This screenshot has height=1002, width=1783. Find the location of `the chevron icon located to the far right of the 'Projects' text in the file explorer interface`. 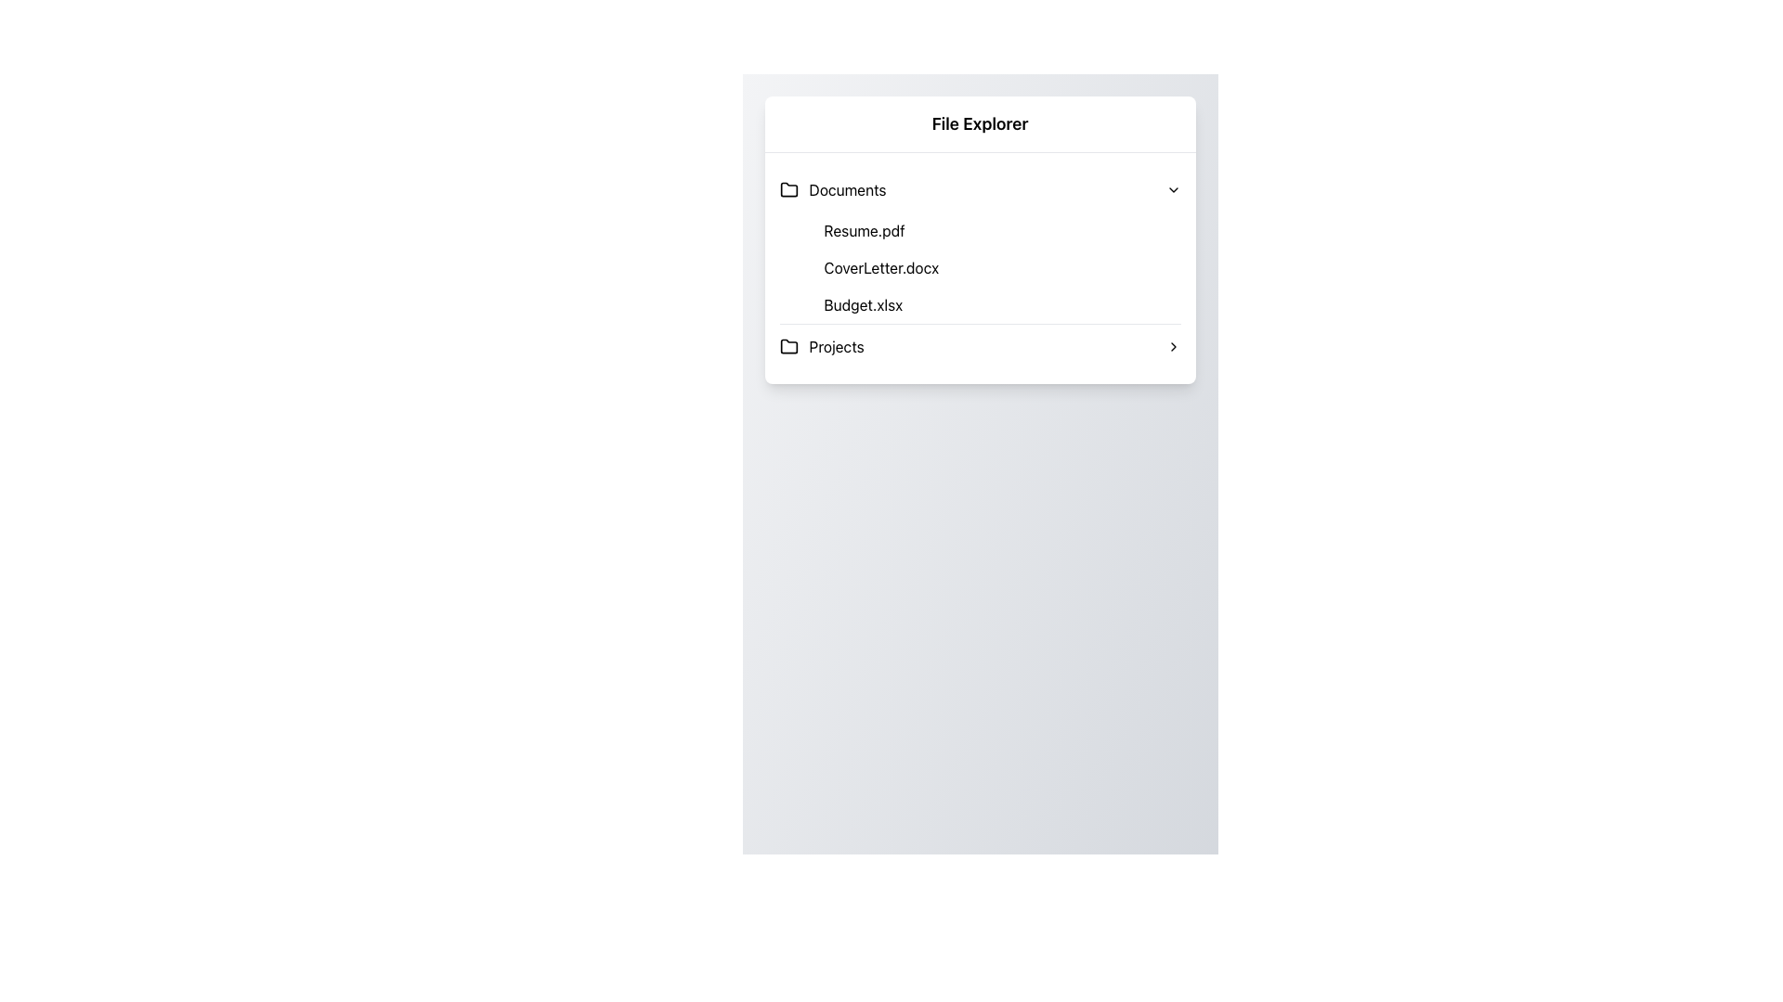

the chevron icon located to the far right of the 'Projects' text in the file explorer interface is located at coordinates (1172, 347).